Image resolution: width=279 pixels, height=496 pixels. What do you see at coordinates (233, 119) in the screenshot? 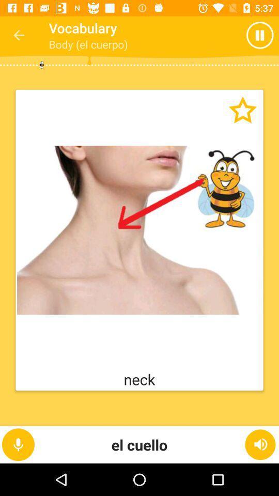
I see `the icon above the neck icon` at bounding box center [233, 119].